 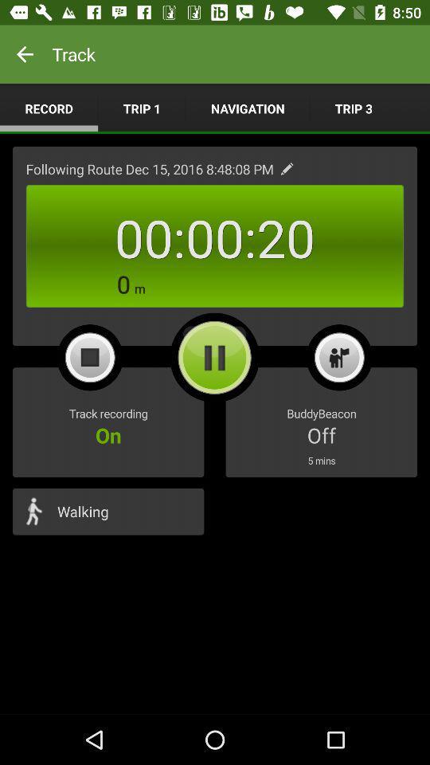 I want to click on the trip 1 item, so click(x=142, y=108).